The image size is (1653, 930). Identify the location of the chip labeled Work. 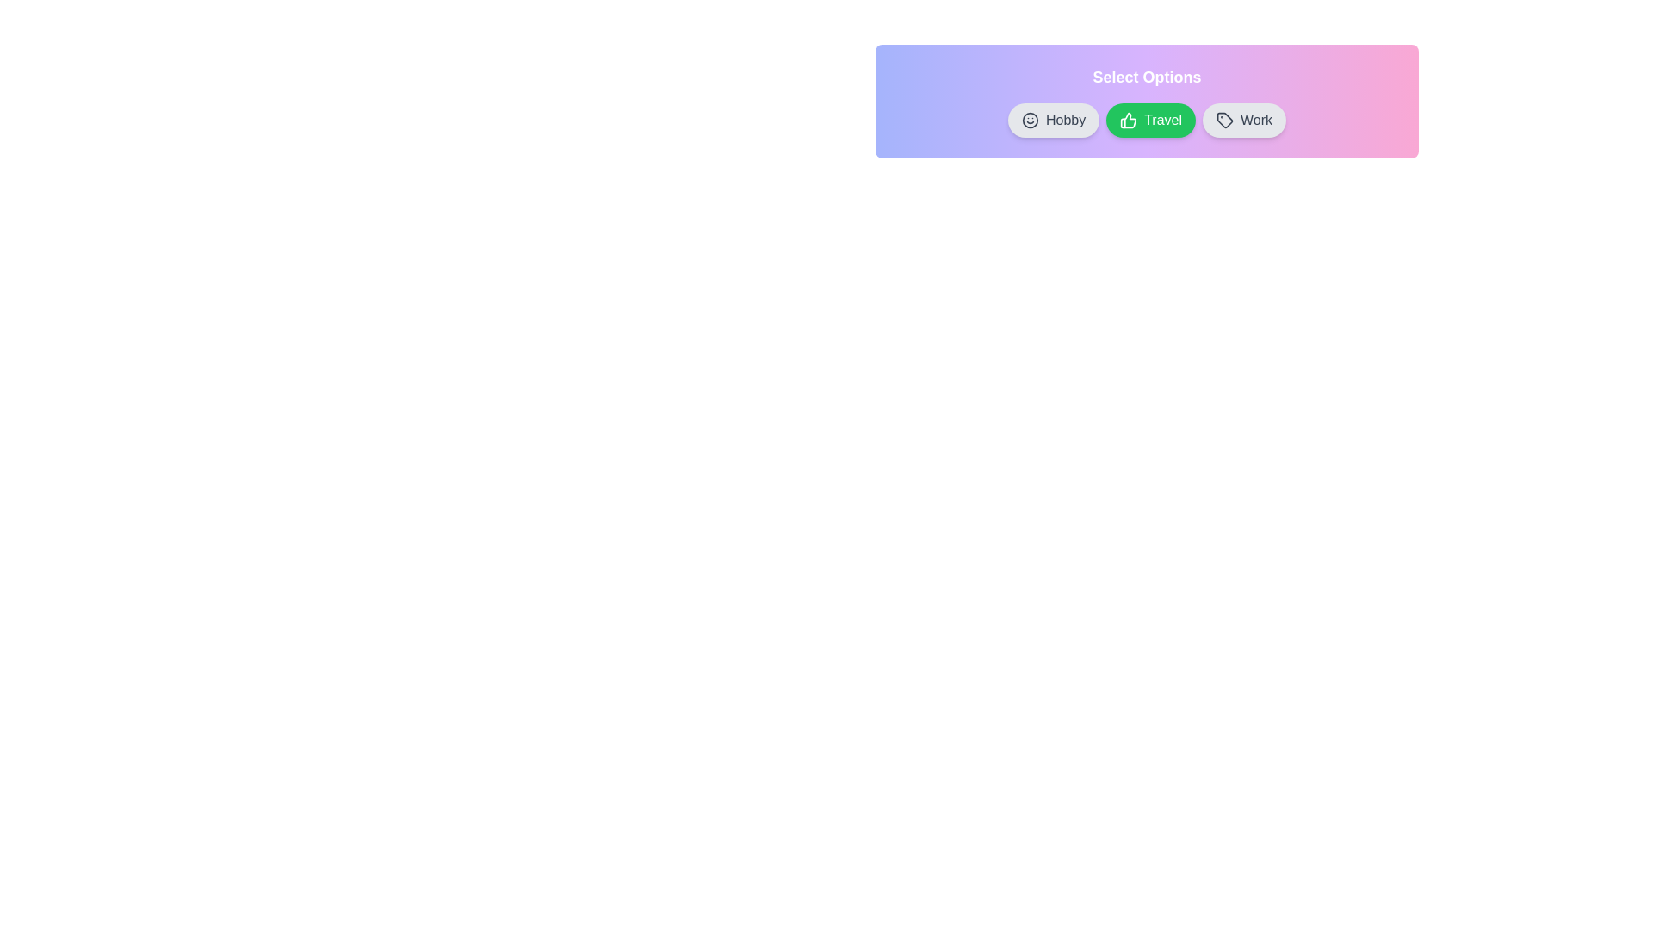
(1243, 119).